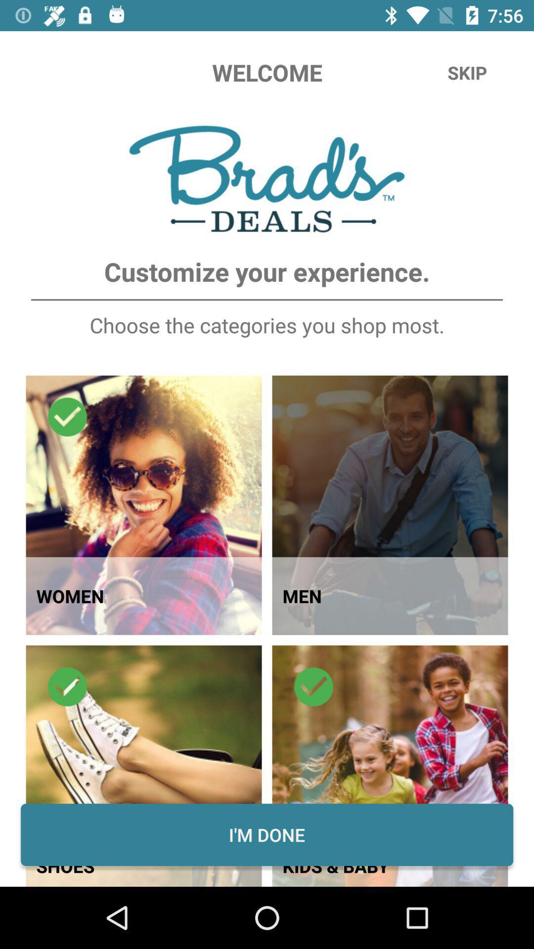  What do you see at coordinates (67, 417) in the screenshot?
I see `the check box on the first image` at bounding box center [67, 417].